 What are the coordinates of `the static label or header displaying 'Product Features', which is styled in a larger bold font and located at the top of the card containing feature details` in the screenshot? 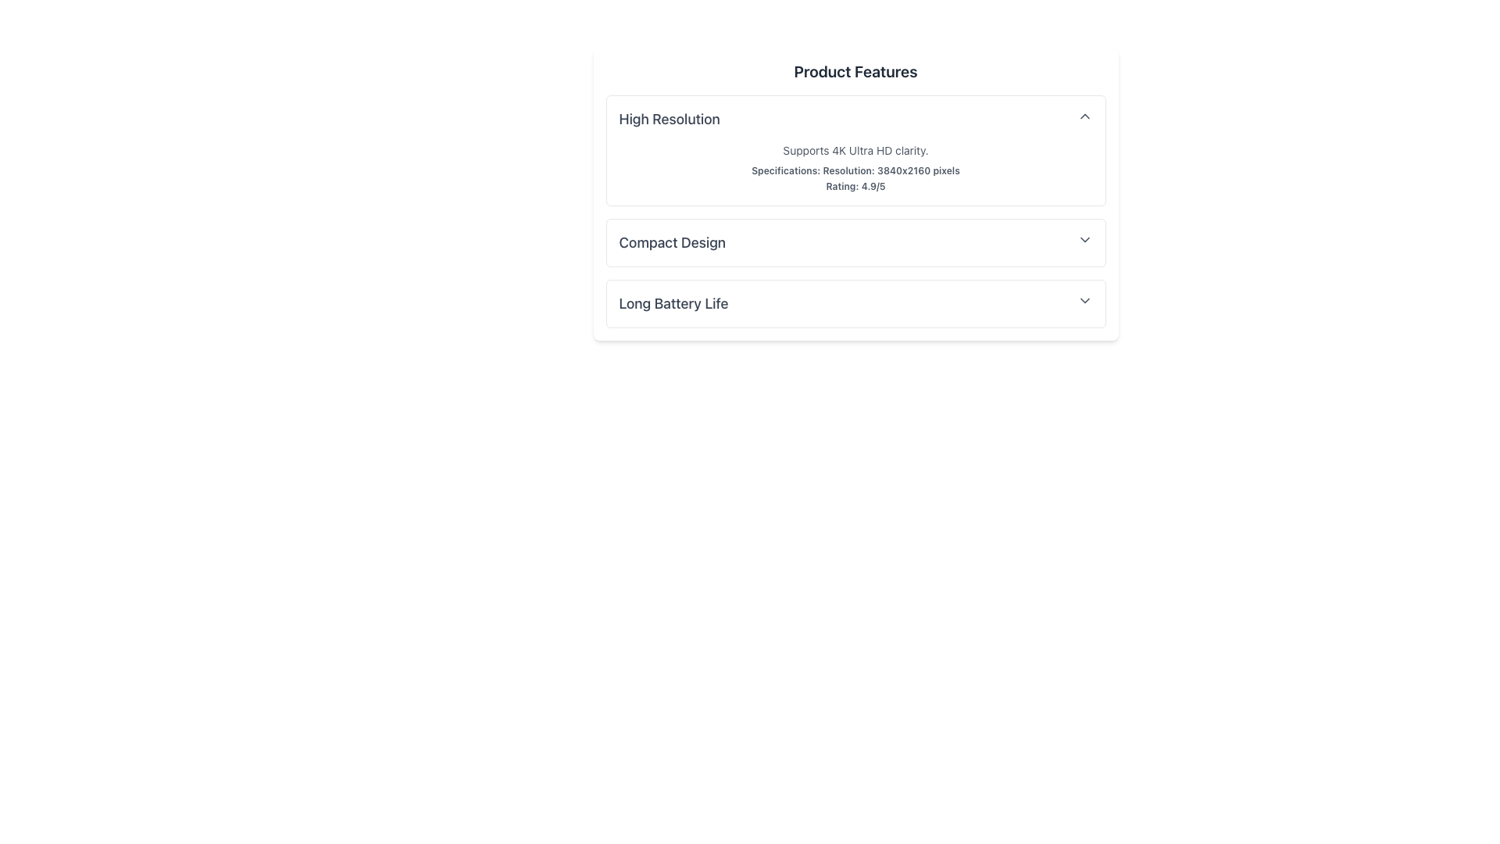 It's located at (855, 72).